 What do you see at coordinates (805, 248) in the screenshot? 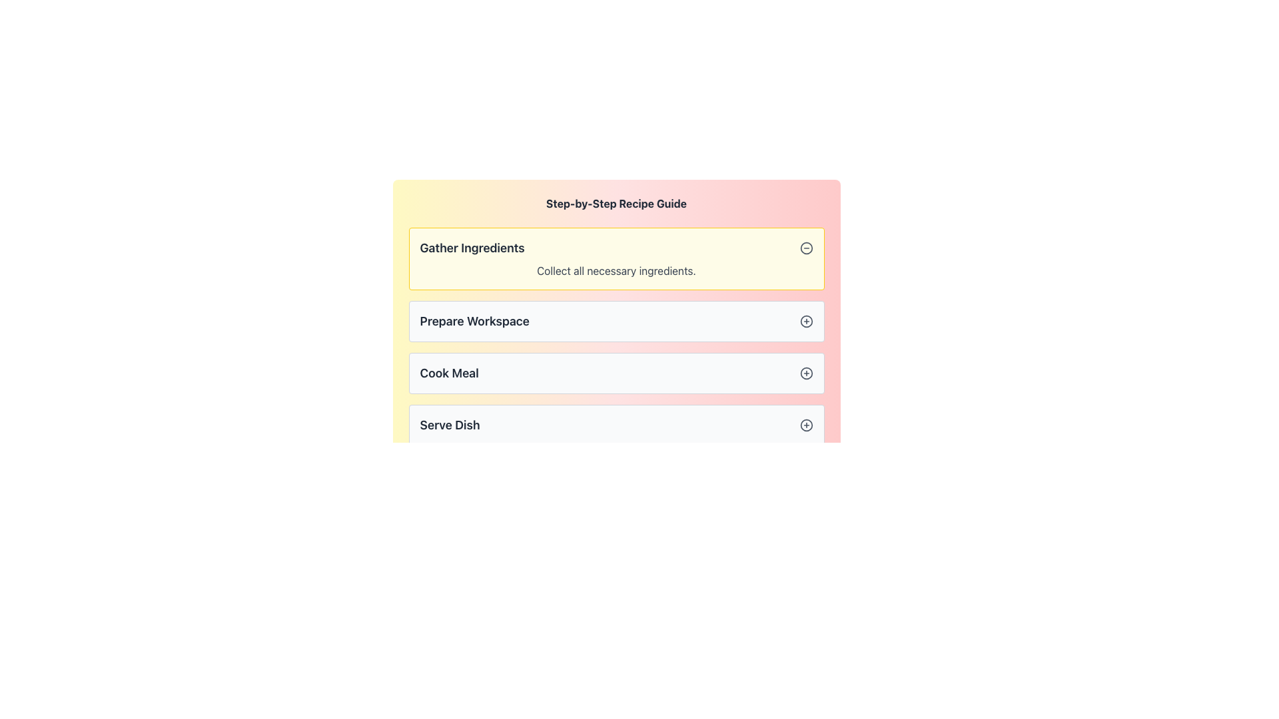
I see `the circular button located at the far right of the 'Gather Ingredients' section` at bounding box center [805, 248].